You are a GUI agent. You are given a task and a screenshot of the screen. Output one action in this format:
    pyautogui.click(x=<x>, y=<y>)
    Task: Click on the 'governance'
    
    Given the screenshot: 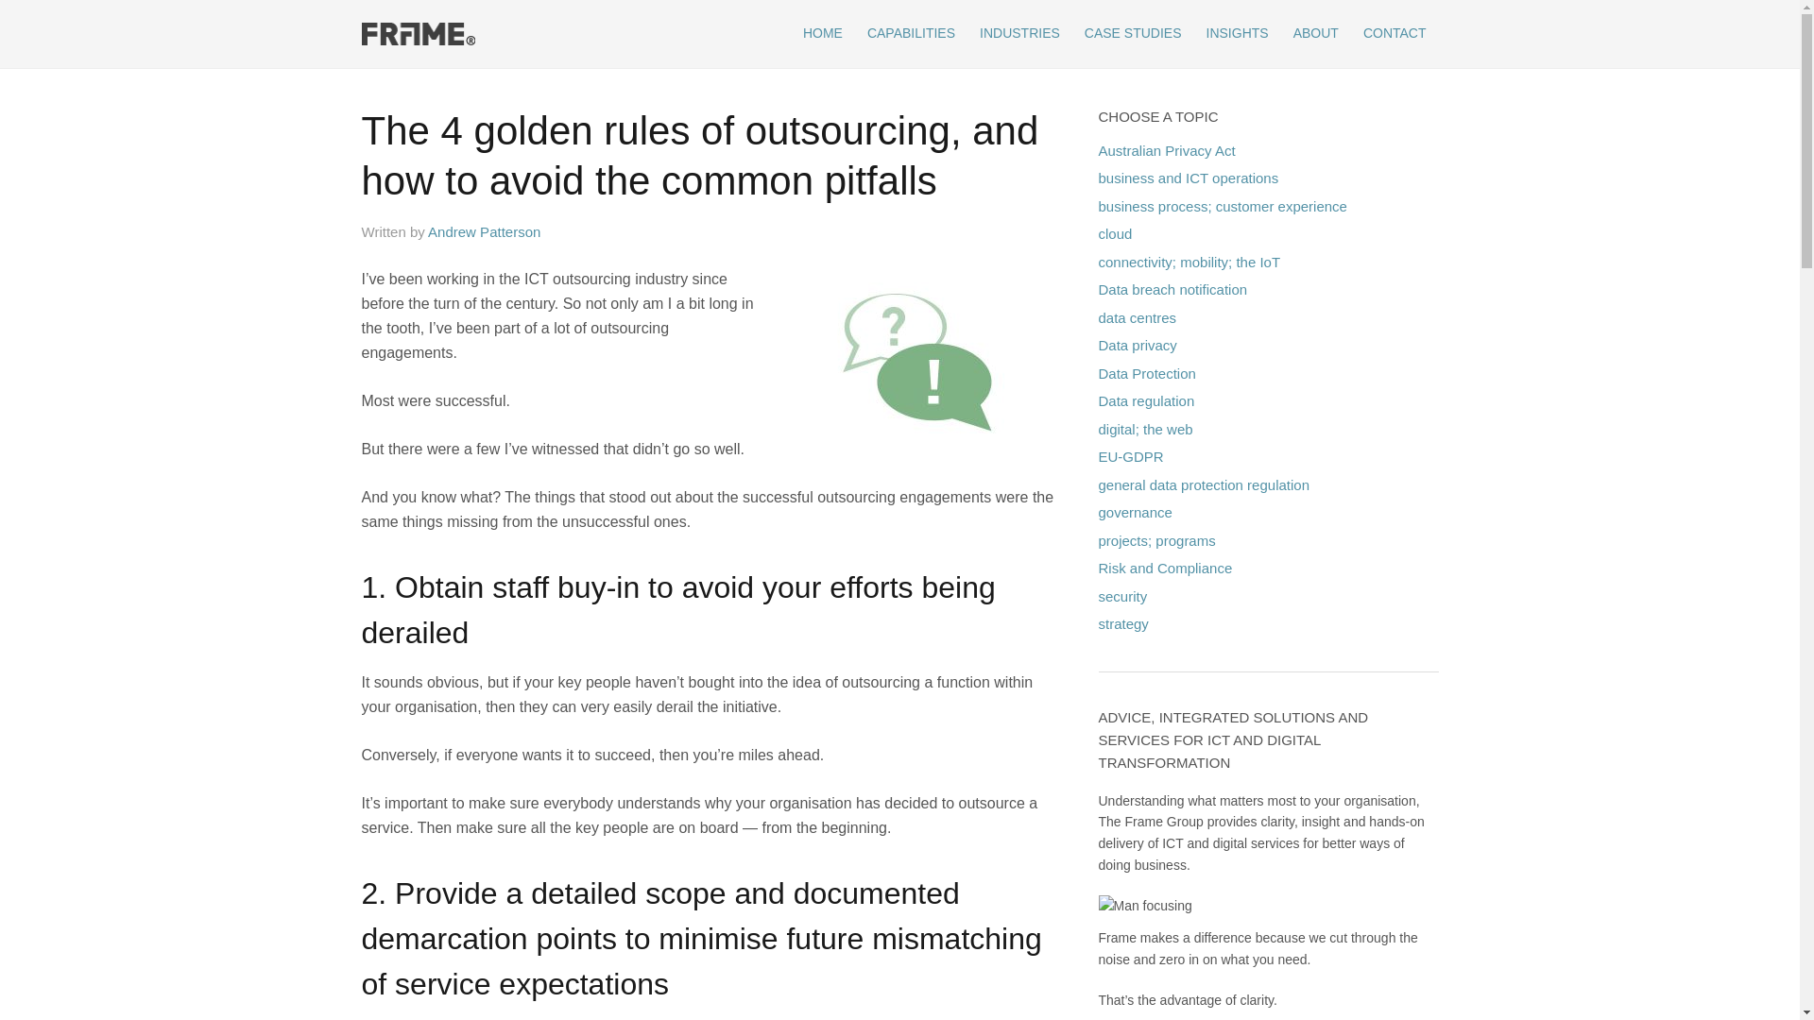 What is the action you would take?
    pyautogui.click(x=1097, y=512)
    